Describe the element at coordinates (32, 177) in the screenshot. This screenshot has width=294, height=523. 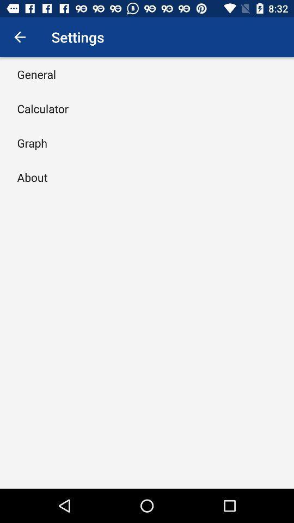
I see `icon on the left` at that location.